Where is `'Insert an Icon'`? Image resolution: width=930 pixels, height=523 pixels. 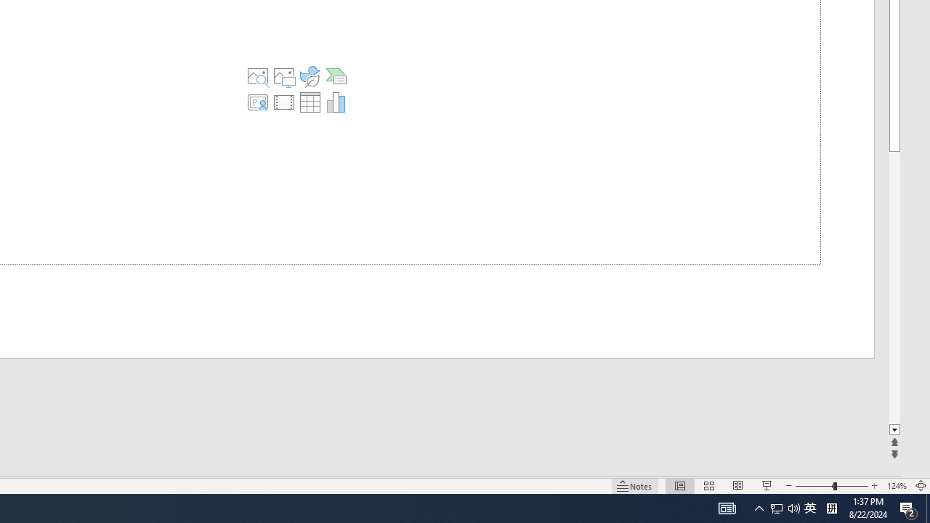 'Insert an Icon' is located at coordinates (309, 76).